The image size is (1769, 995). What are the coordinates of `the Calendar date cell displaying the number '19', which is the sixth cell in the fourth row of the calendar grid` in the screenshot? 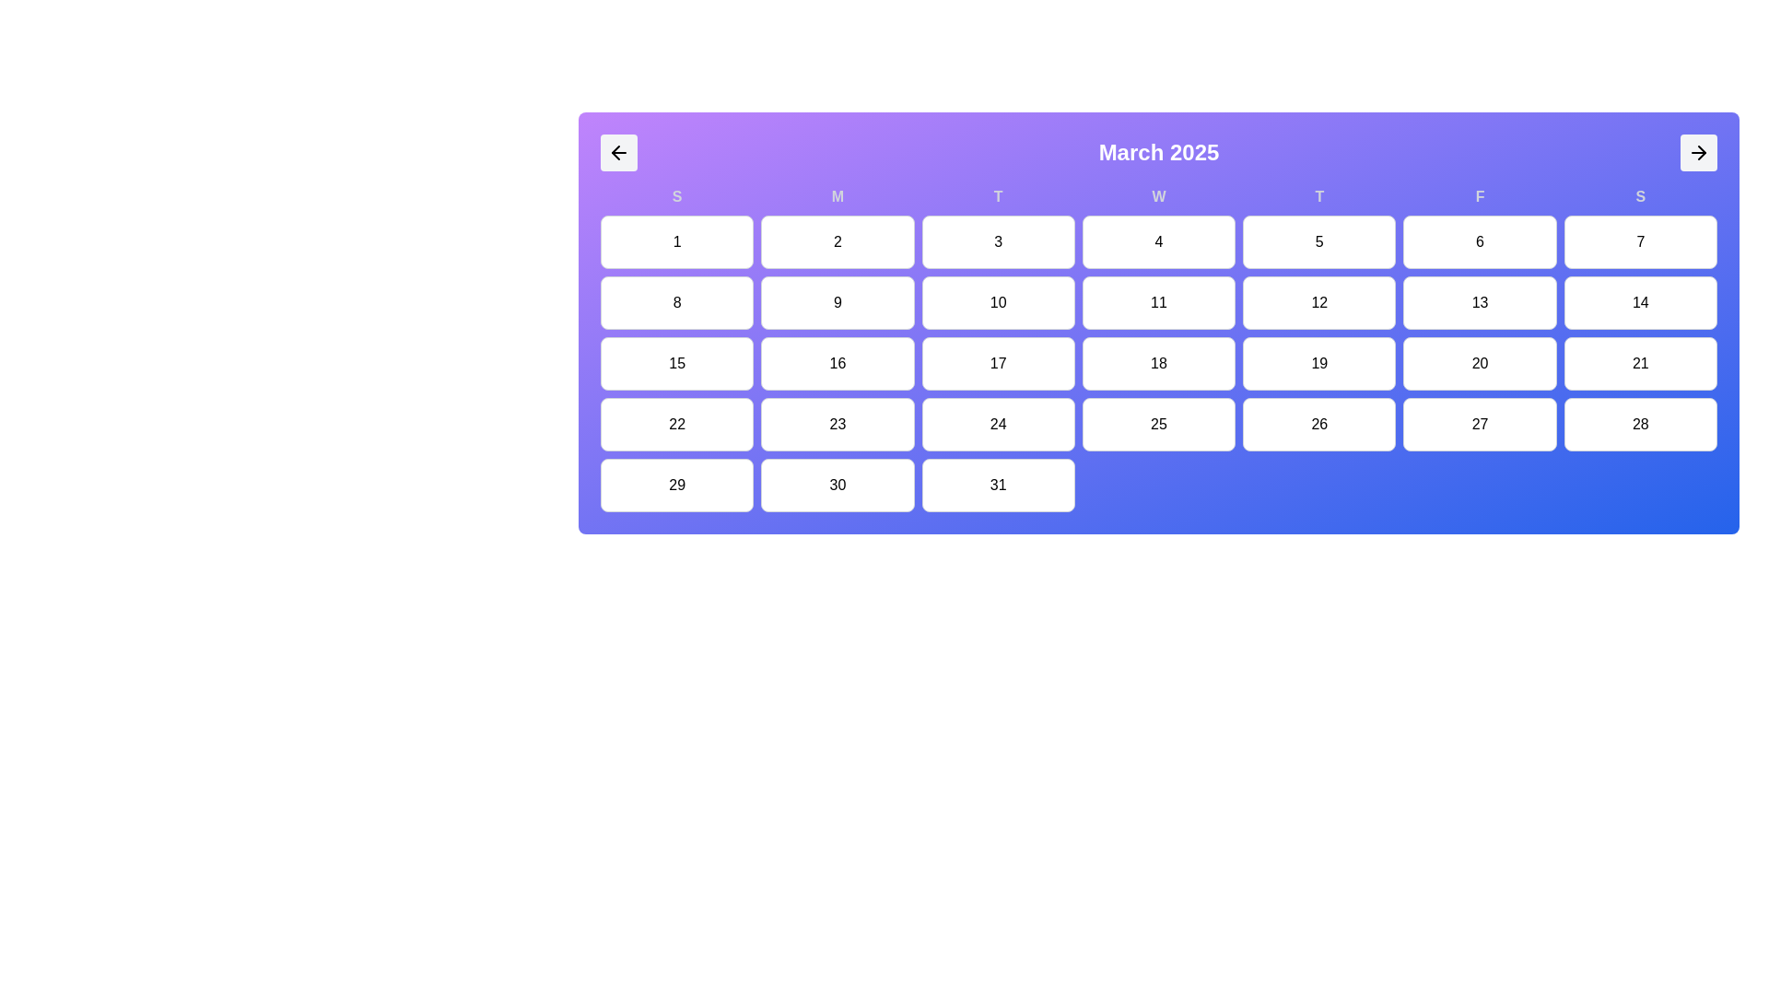 It's located at (1318, 363).